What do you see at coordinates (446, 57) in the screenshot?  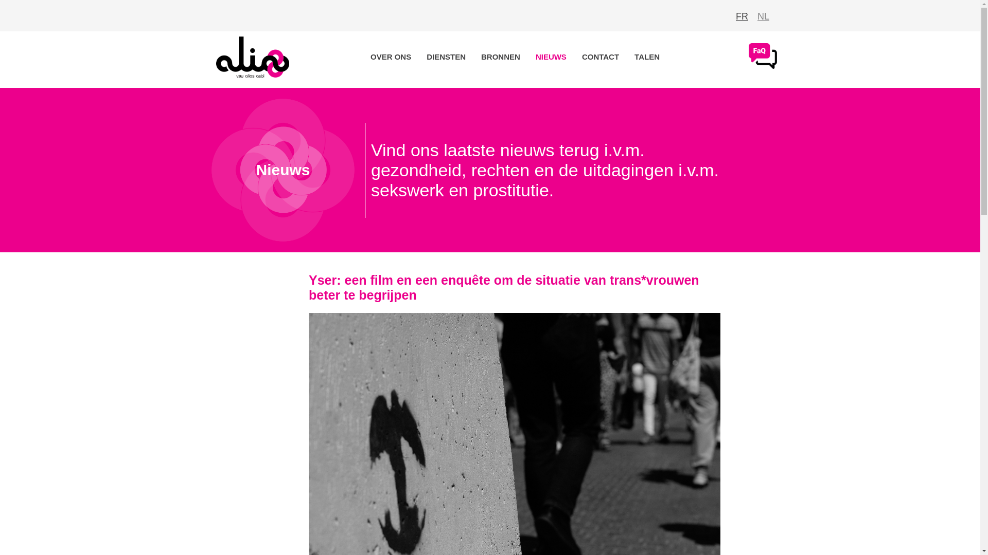 I see `'DIENSTEN'` at bounding box center [446, 57].